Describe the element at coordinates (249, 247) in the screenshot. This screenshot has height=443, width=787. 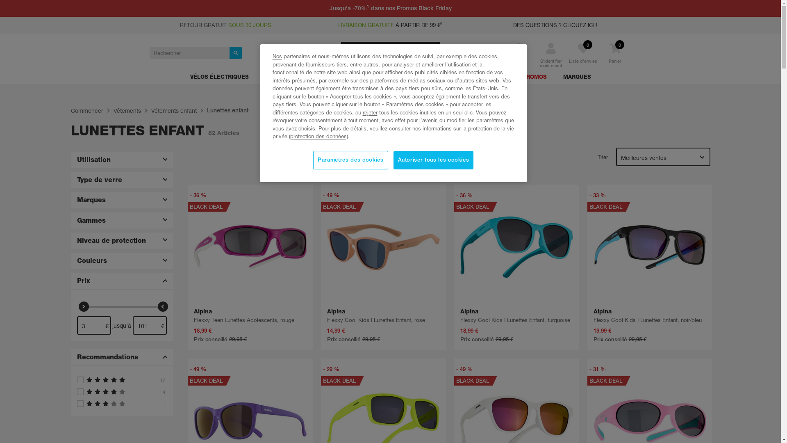
I see `'Alpina Flexxy Teen Lunettes Adolescents, rouge rouge'` at that location.